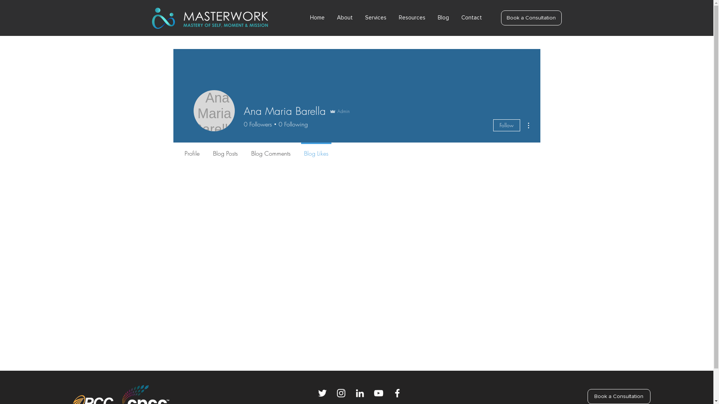 Image resolution: width=719 pixels, height=404 pixels. Describe the element at coordinates (257, 123) in the screenshot. I see `'0` at that location.